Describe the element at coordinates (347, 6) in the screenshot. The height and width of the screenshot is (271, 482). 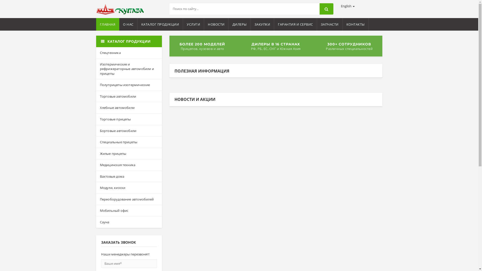
I see `'English'` at that location.